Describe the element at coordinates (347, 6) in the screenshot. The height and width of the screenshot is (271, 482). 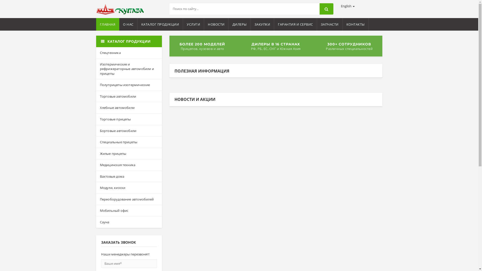
I see `'English'` at that location.